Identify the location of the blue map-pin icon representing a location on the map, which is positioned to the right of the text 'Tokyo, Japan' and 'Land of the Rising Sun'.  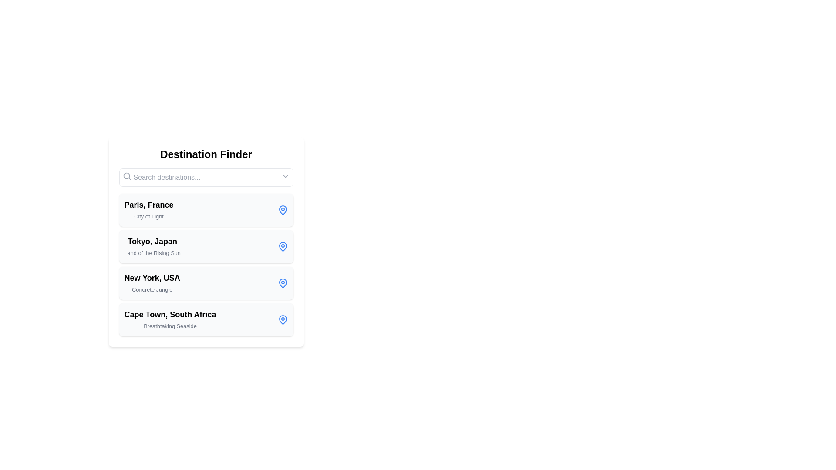
(283, 247).